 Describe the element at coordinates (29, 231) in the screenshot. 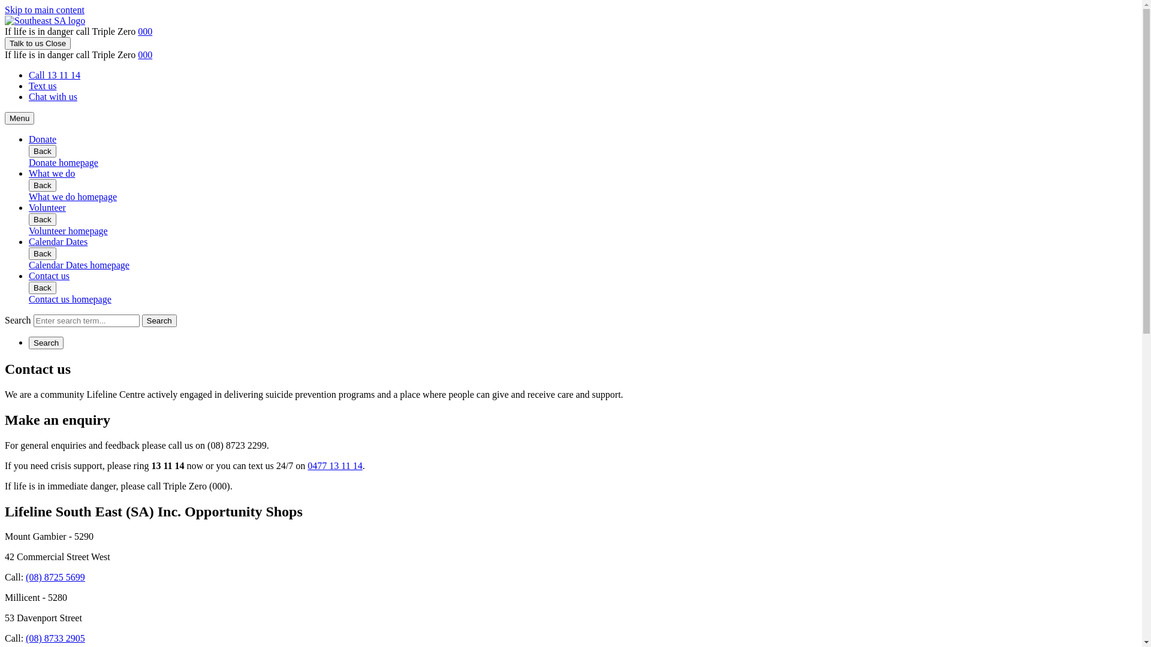

I see `'Volunteer homepage'` at that location.